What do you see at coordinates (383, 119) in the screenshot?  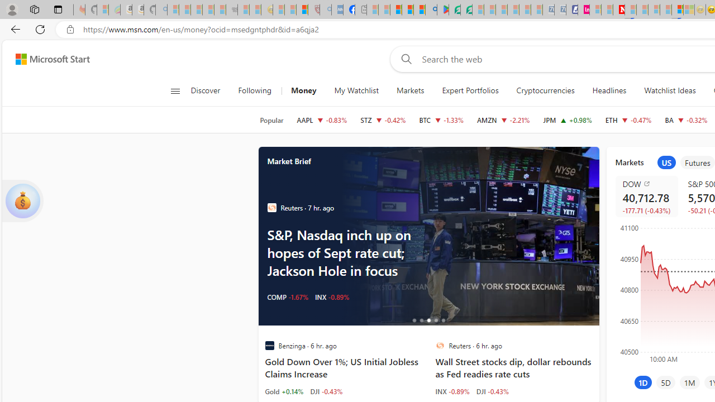 I see `'STZ CONSTELLATION BRANDS, INC. decrease 243.70 -1.04 -0.42%'` at bounding box center [383, 119].